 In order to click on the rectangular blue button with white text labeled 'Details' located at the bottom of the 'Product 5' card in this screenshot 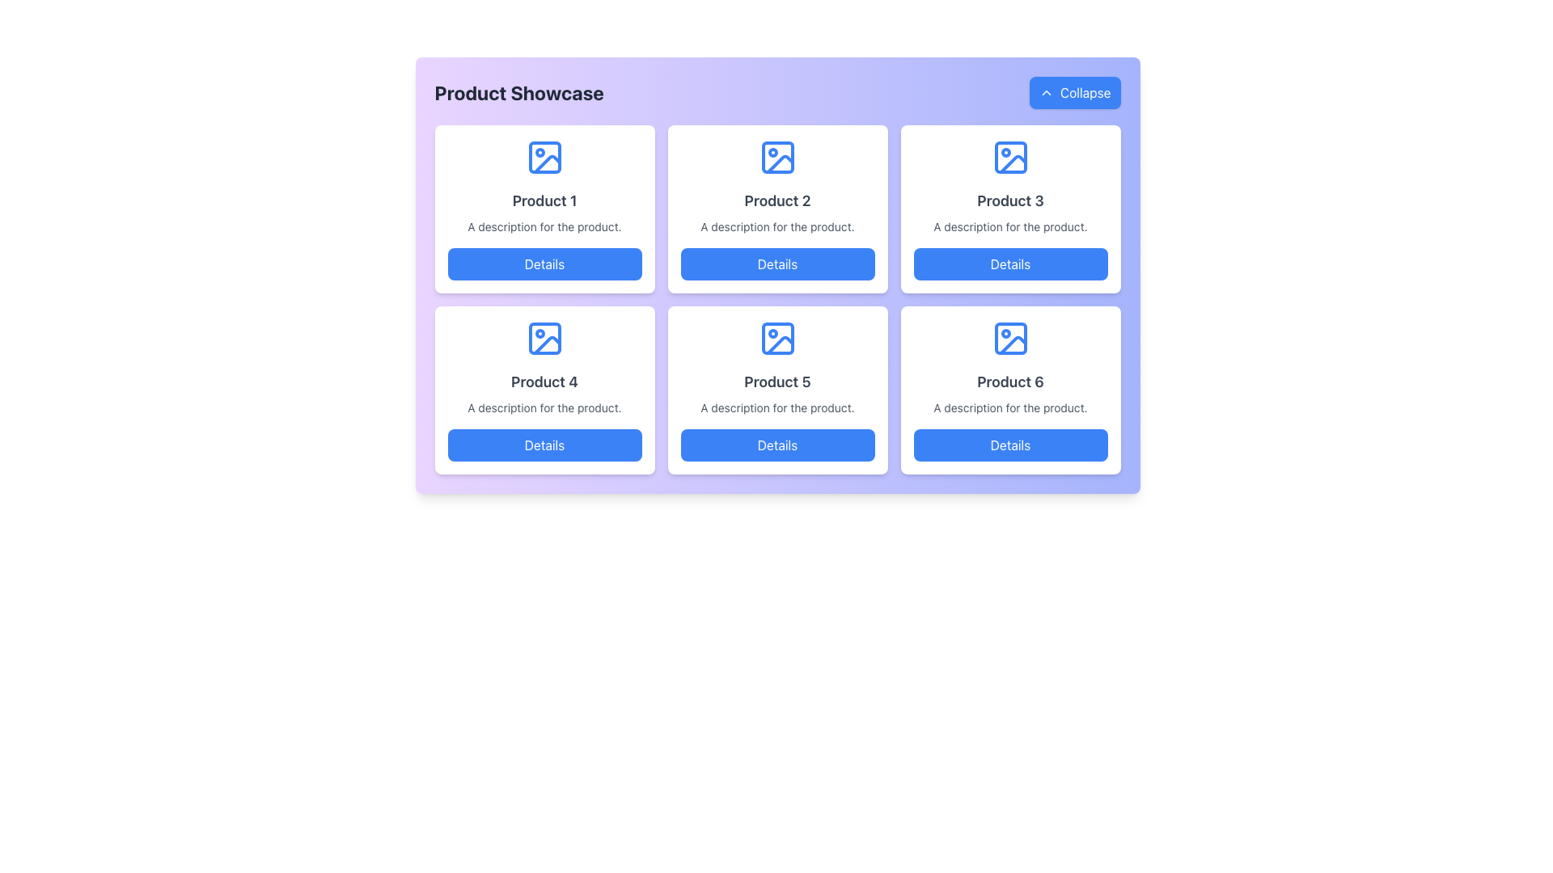, I will do `click(777, 445)`.